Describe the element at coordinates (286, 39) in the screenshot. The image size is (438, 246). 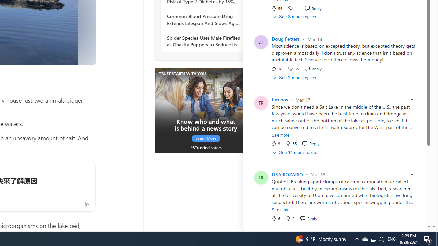
I see `'Doug Fetters'` at that location.